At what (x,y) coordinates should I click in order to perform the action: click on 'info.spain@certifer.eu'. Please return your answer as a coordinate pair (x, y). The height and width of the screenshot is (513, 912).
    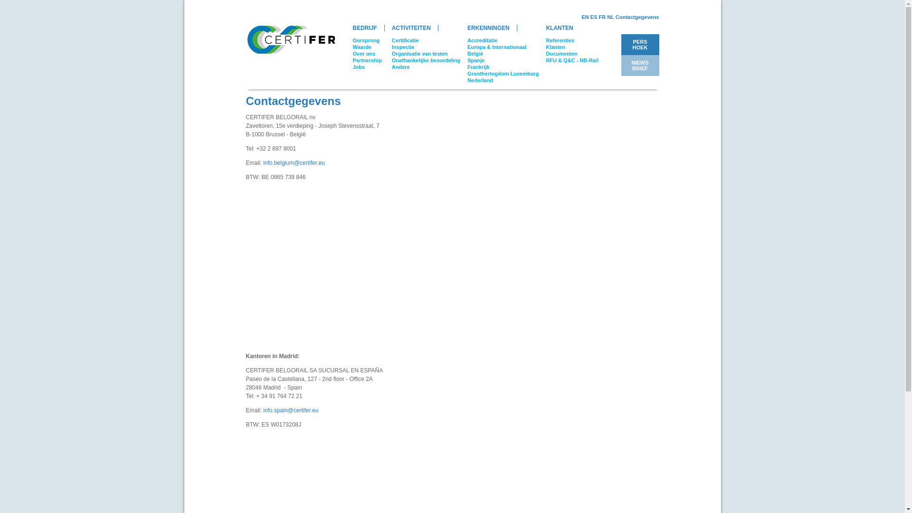
    Looking at the image, I should click on (263, 410).